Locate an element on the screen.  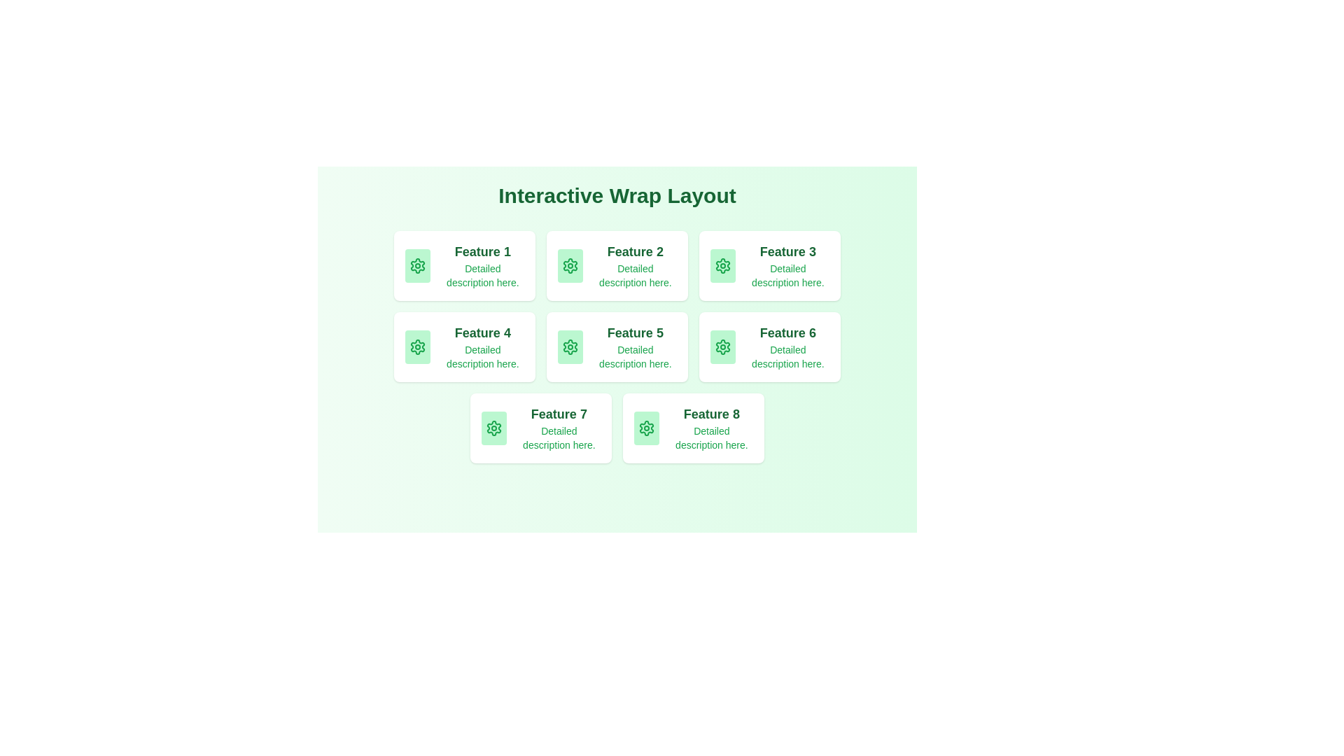
the green gear icon representing settings within the 'Feature 7' card located in the bottom row of the layout grid is located at coordinates (493, 428).